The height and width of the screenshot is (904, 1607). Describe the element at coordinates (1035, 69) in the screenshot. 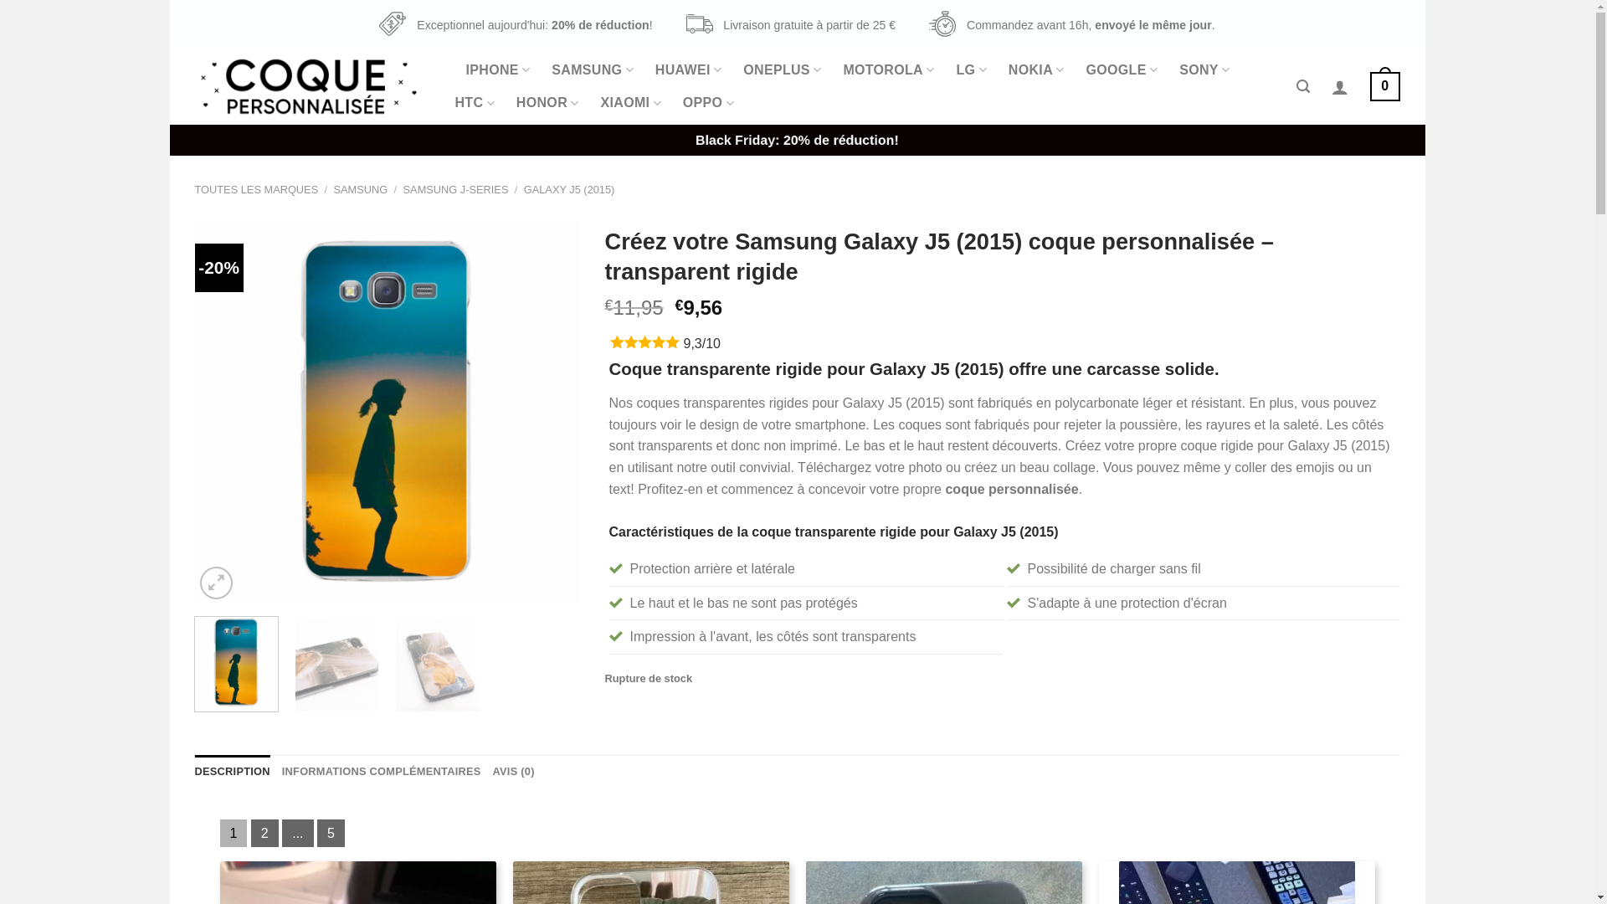

I see `'NOKIA'` at that location.